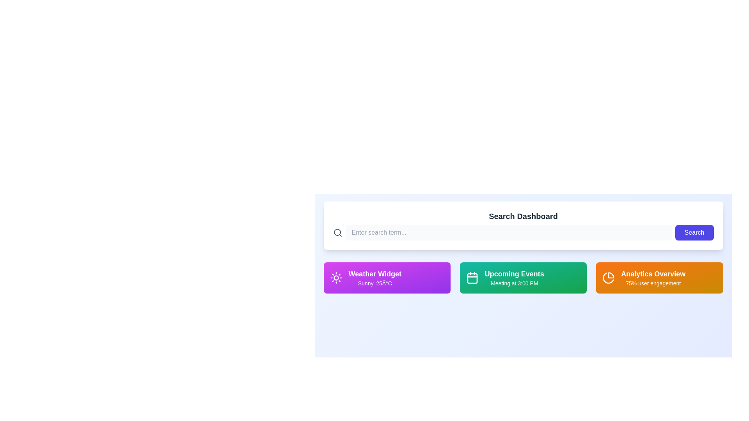  Describe the element at coordinates (608, 278) in the screenshot. I see `the pie chart icon within the orange background of the 'Analytics Overview' section as a visual cue representing analytics` at that location.